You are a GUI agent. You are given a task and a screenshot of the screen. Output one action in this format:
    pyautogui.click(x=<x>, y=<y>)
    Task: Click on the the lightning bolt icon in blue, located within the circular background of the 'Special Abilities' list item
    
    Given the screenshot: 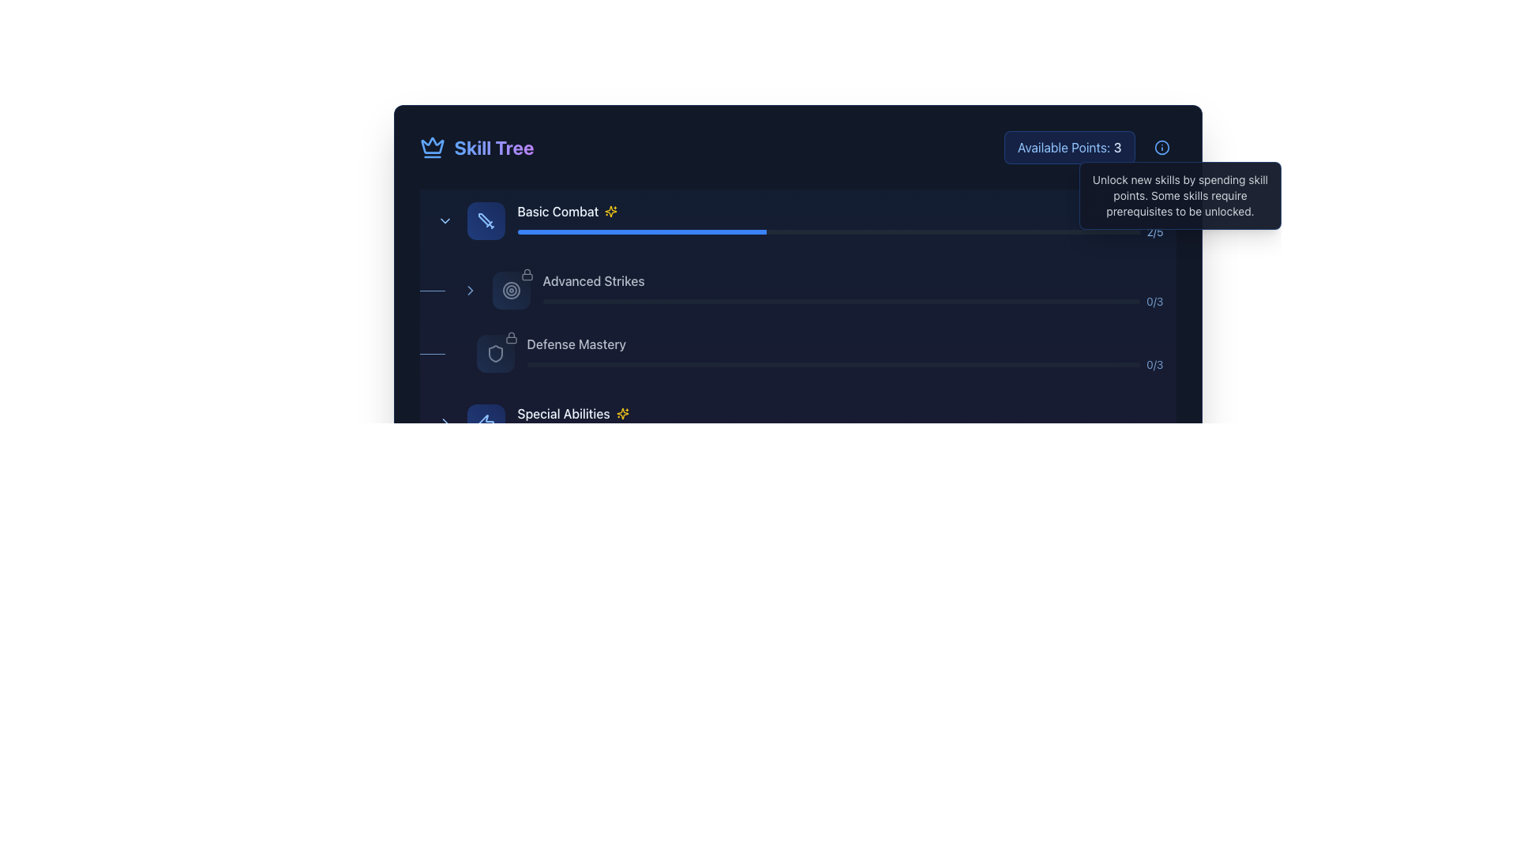 What is the action you would take?
    pyautogui.click(x=485, y=423)
    